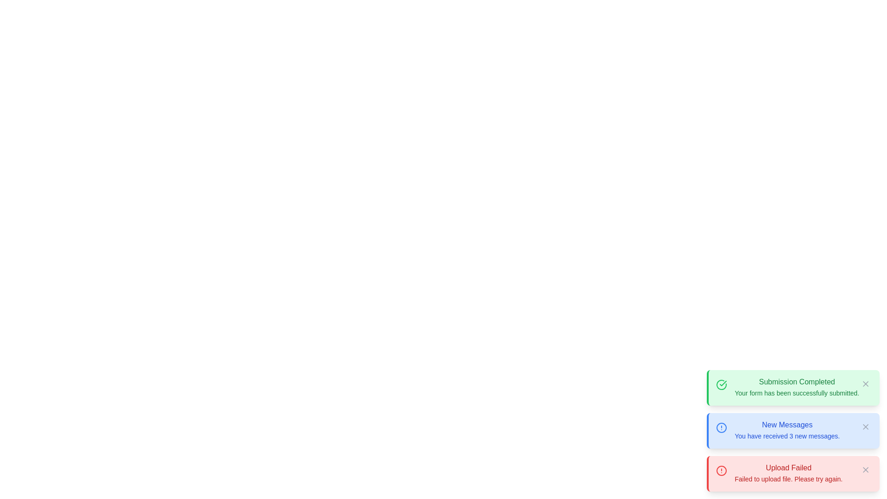  Describe the element at coordinates (865, 470) in the screenshot. I see `the small red 'X' button located at the far right side of the 'Upload Failed' error message box` at that location.